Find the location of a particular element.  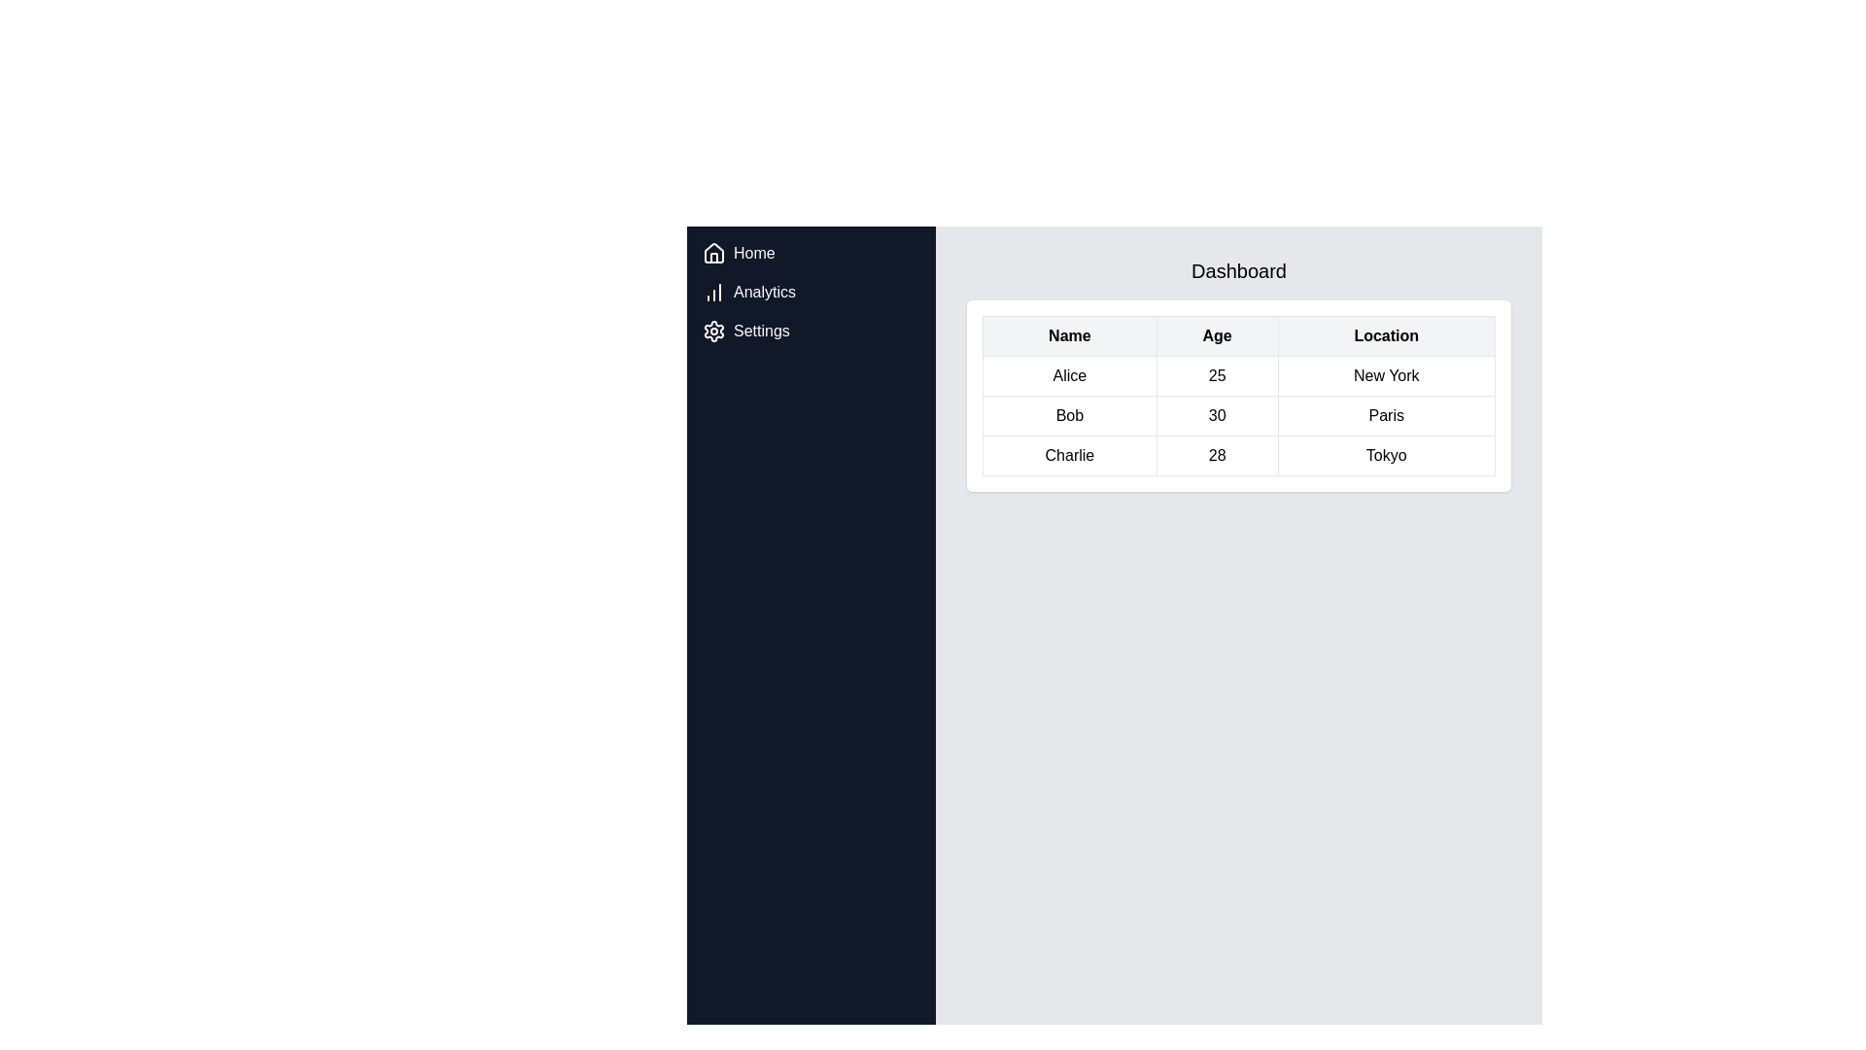

the column header label indicating user names, which is the first item in a horizontal row of three labels at the top-left of the table's header is located at coordinates (1068, 335).